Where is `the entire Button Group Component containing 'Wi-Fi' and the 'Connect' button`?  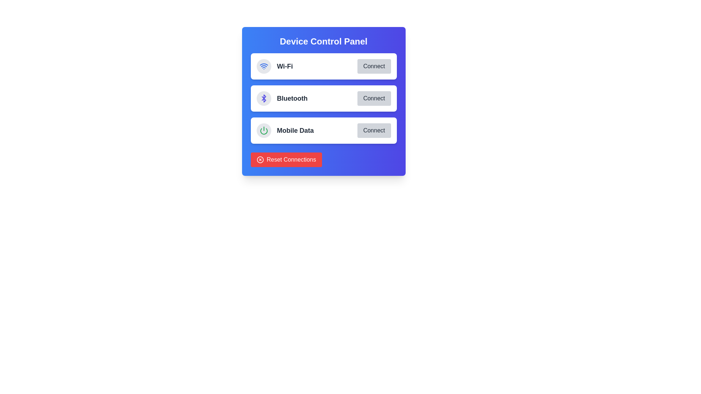 the entire Button Group Component containing 'Wi-Fi' and the 'Connect' button is located at coordinates (323, 66).